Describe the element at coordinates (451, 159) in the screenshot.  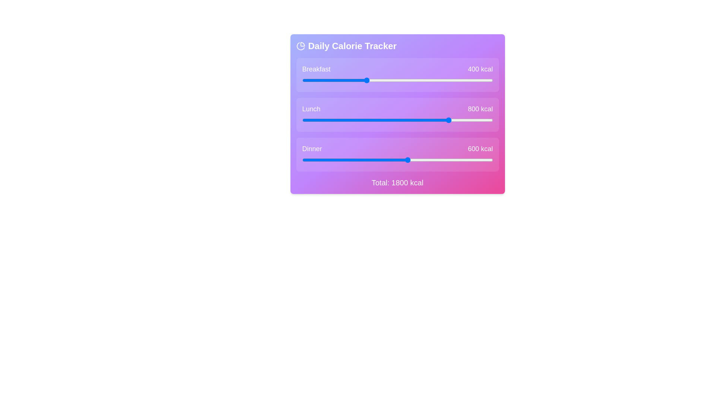
I see `the dinner calorie slider` at that location.